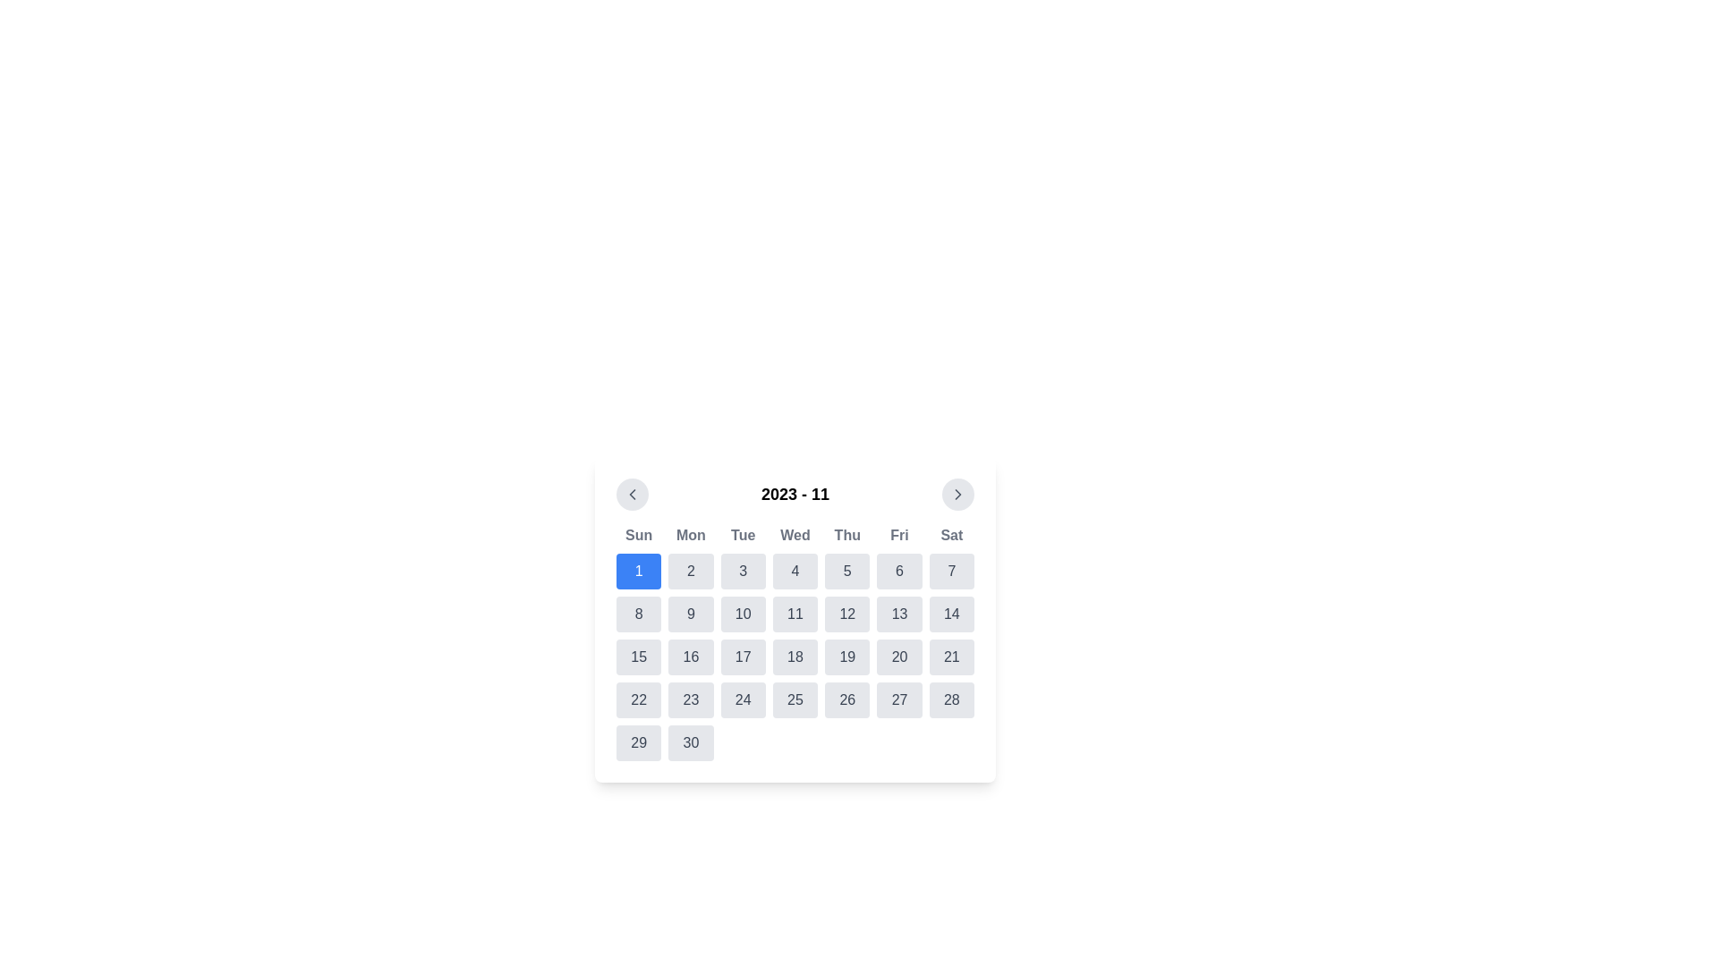 This screenshot has width=1718, height=966. I want to click on the button that allows users to select the date '6' in the calendar grid layout, so click(899, 572).